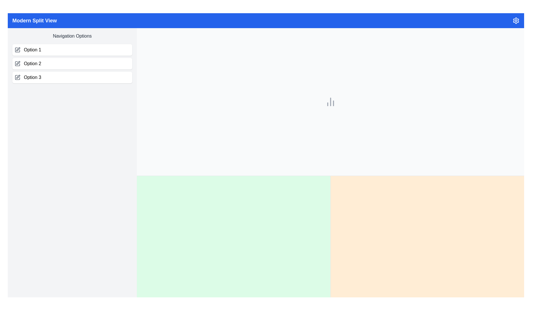 This screenshot has height=310, width=552. What do you see at coordinates (18, 49) in the screenshot?
I see `the interactive icon in the sidebar menu that signifies an editing action related to 'Option 1', located to the left of the text label` at bounding box center [18, 49].